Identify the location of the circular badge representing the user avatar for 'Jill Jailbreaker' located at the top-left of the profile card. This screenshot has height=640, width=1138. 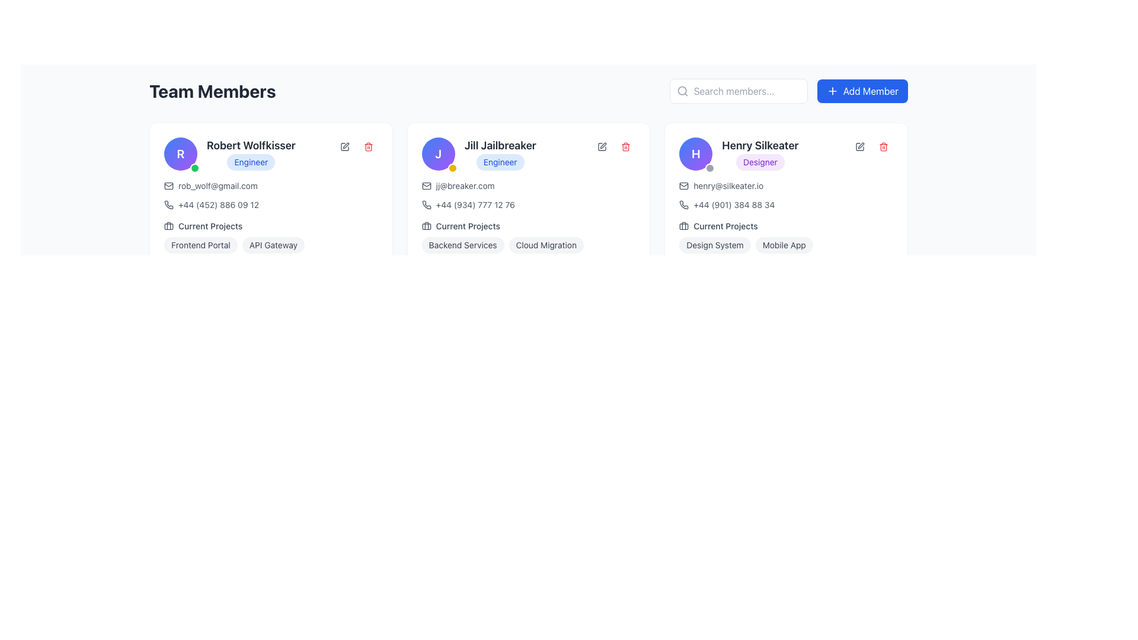
(437, 153).